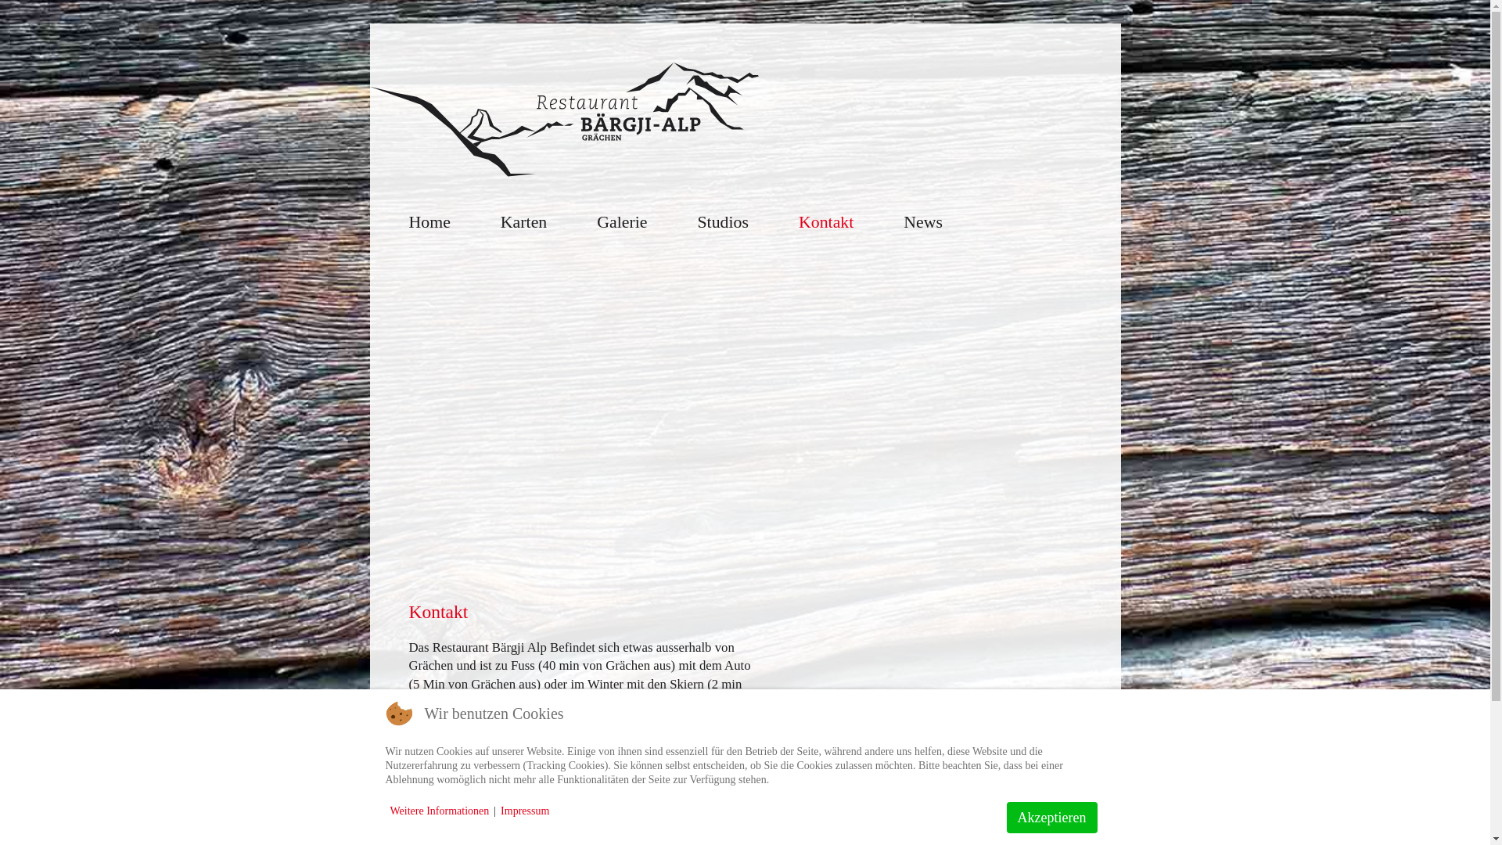 Image resolution: width=1502 pixels, height=845 pixels. Describe the element at coordinates (438, 811) in the screenshot. I see `'Weitere Informationen'` at that location.